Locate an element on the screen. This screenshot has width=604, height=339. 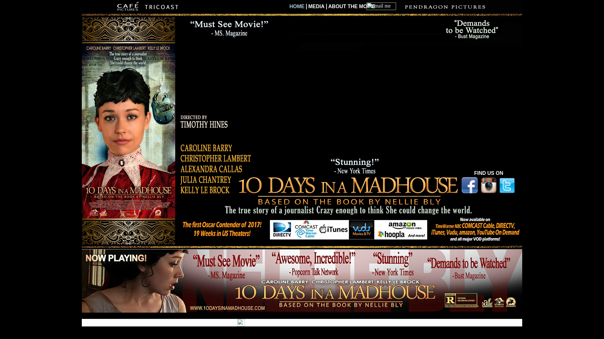
'MEDIA' is located at coordinates (316, 6).